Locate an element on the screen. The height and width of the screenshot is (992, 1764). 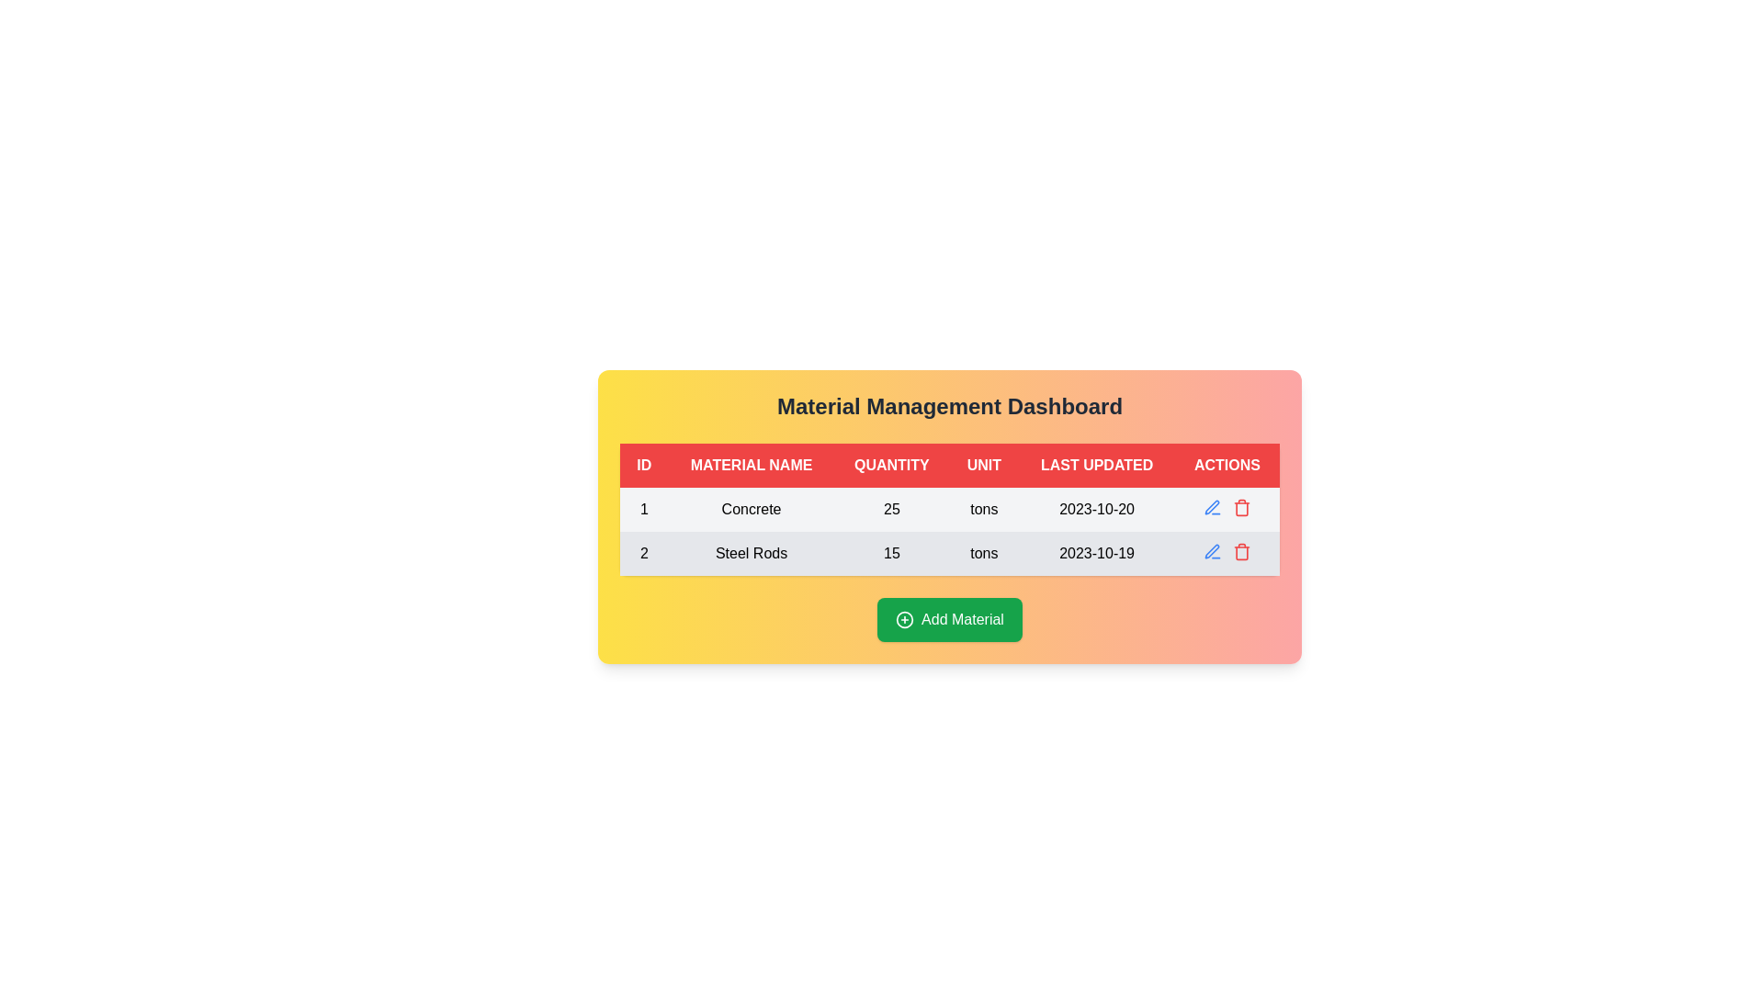
the delete icon button in the Actions column is located at coordinates (1241, 551).